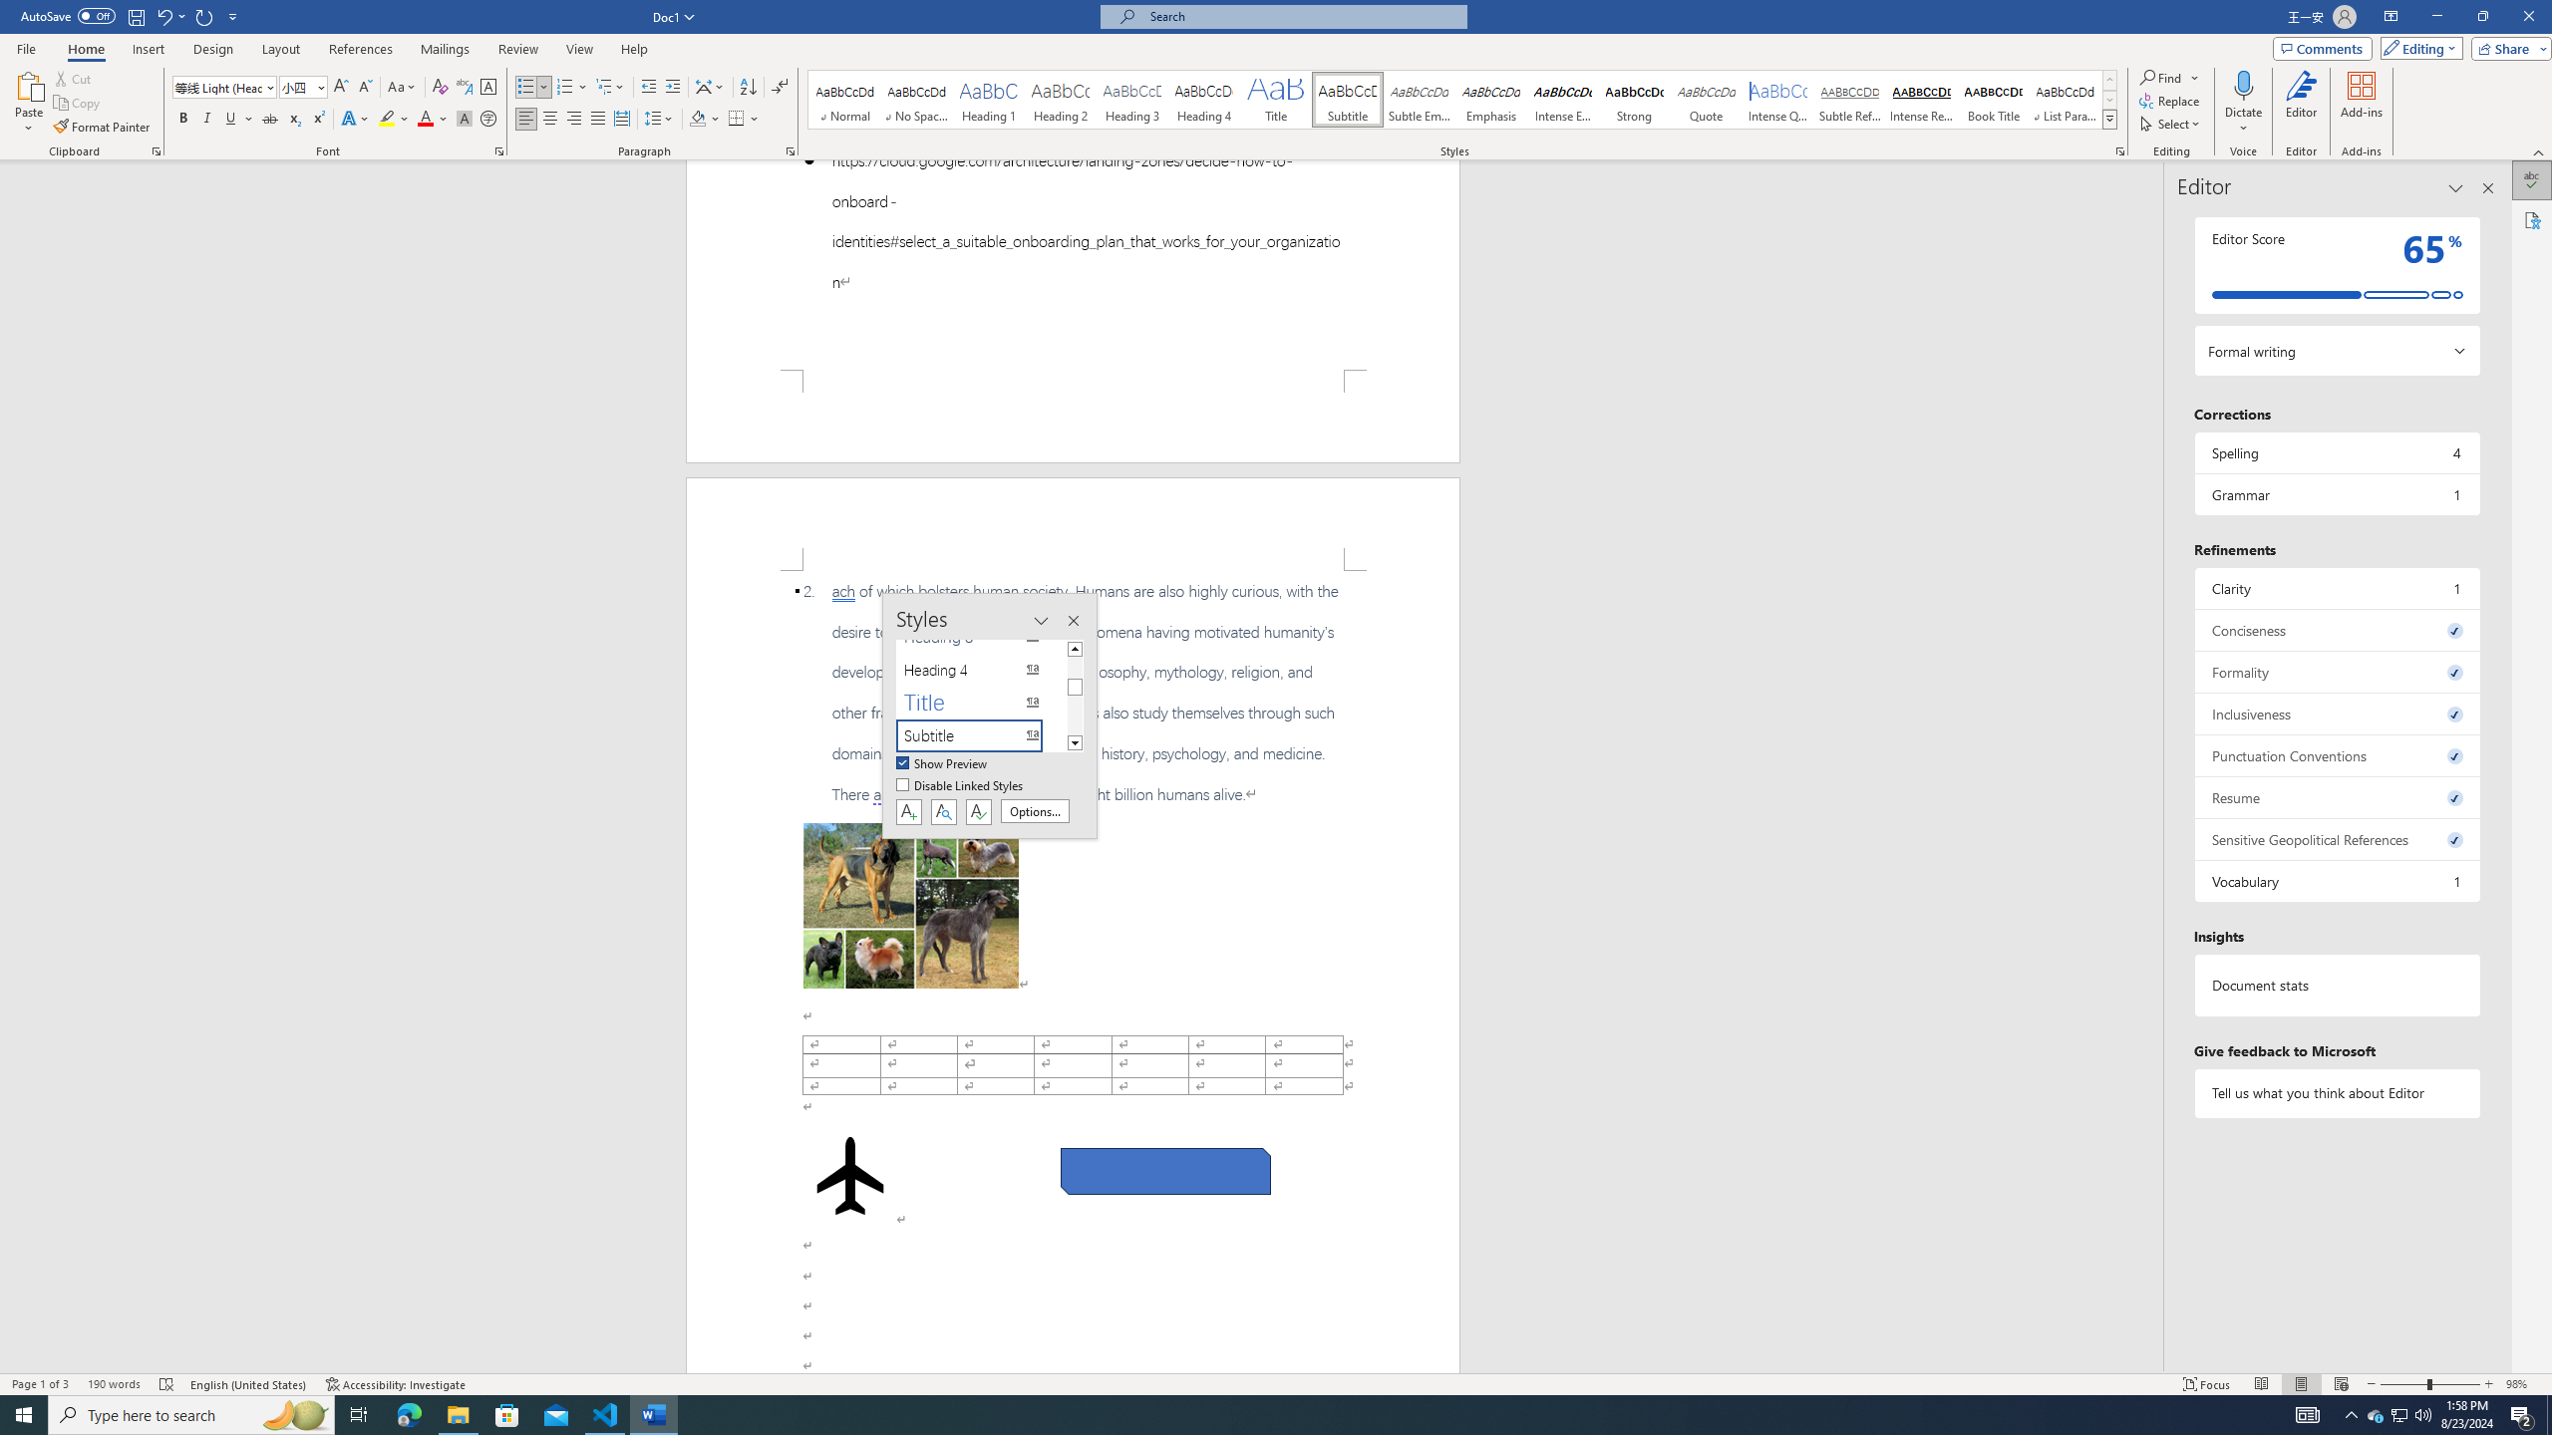  Describe the element at coordinates (1849, 99) in the screenshot. I see `'Subtle Reference'` at that location.